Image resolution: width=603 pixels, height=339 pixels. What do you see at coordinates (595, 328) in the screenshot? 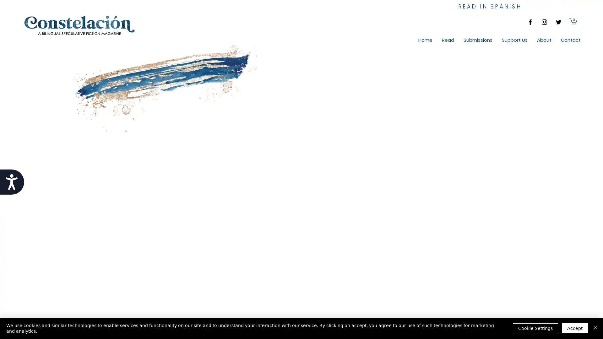
I see `Close` at bounding box center [595, 328].